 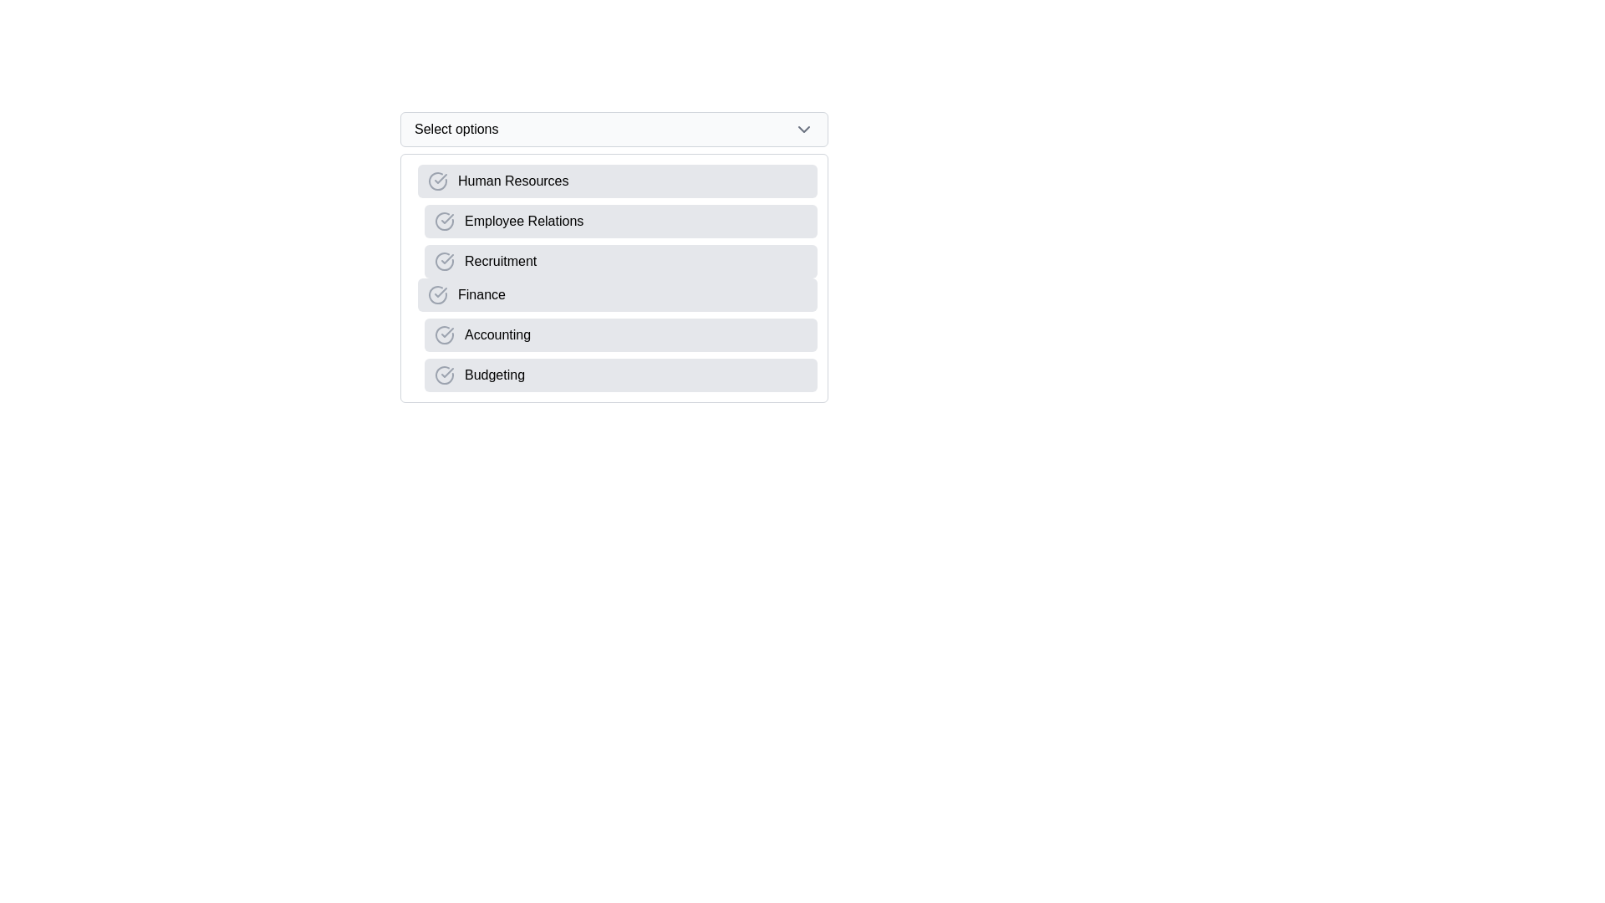 What do you see at coordinates (445, 221) in the screenshot?
I see `the circular icon that resembles an outlined circle with a partially filled arc, located` at bounding box center [445, 221].